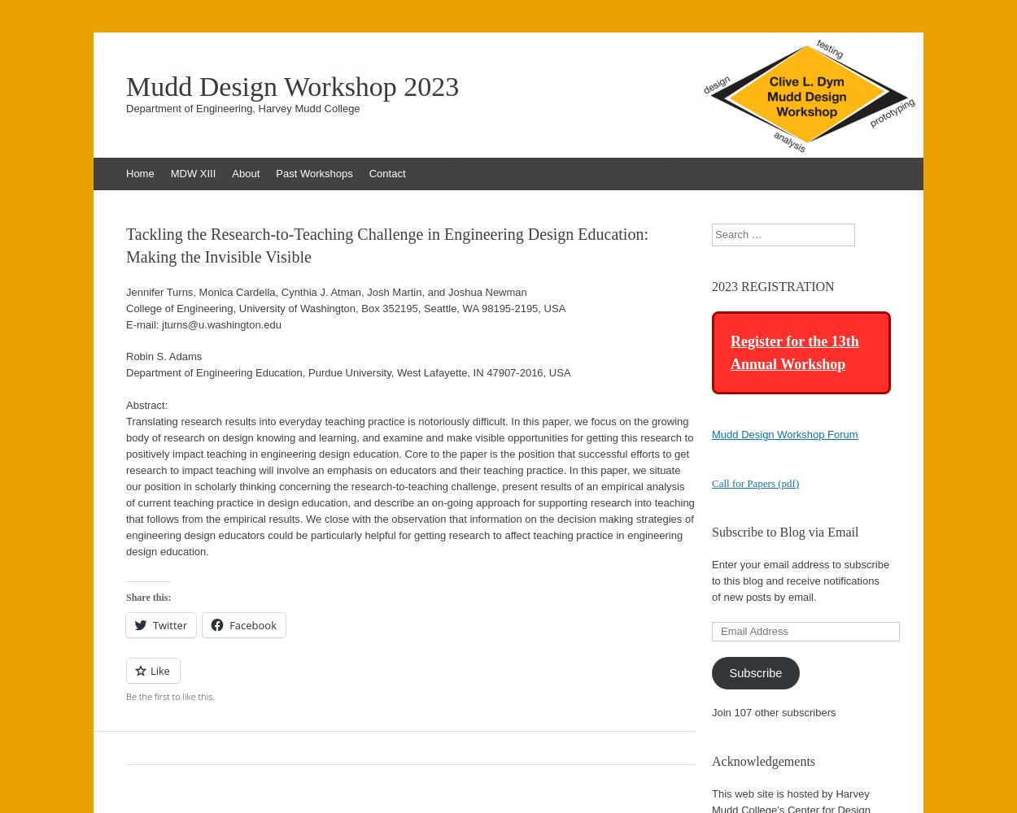 This screenshot has height=813, width=1017. Describe the element at coordinates (146, 403) in the screenshot. I see `'Abstract:'` at that location.